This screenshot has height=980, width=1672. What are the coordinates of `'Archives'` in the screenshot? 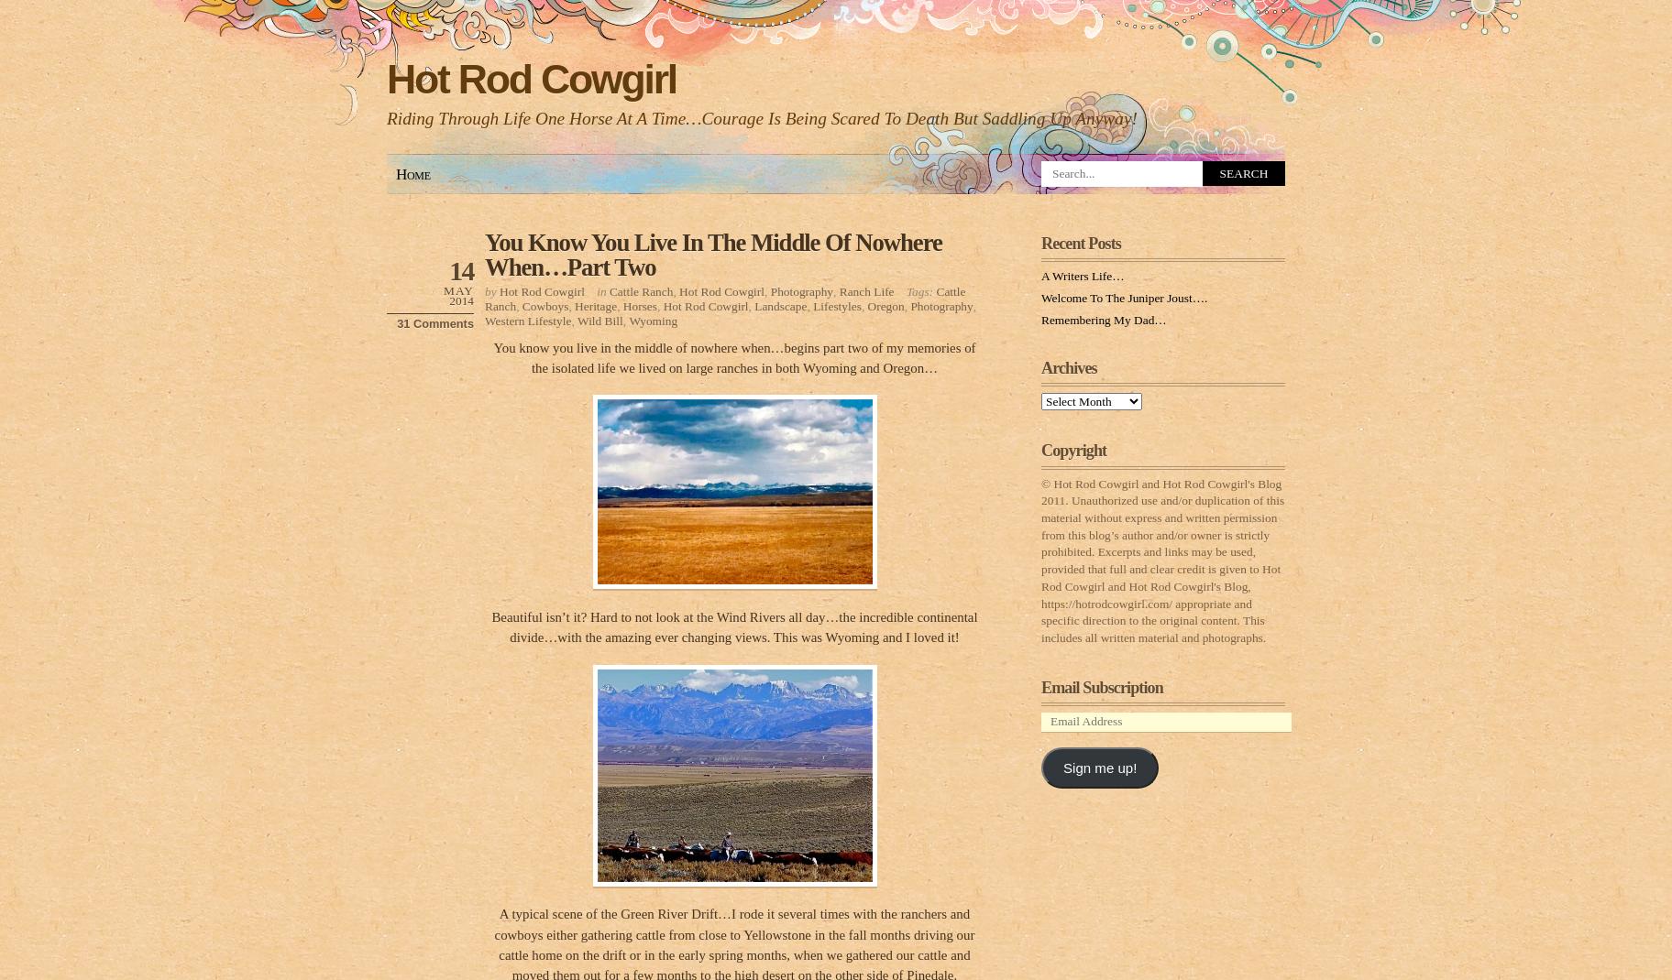 It's located at (1069, 366).